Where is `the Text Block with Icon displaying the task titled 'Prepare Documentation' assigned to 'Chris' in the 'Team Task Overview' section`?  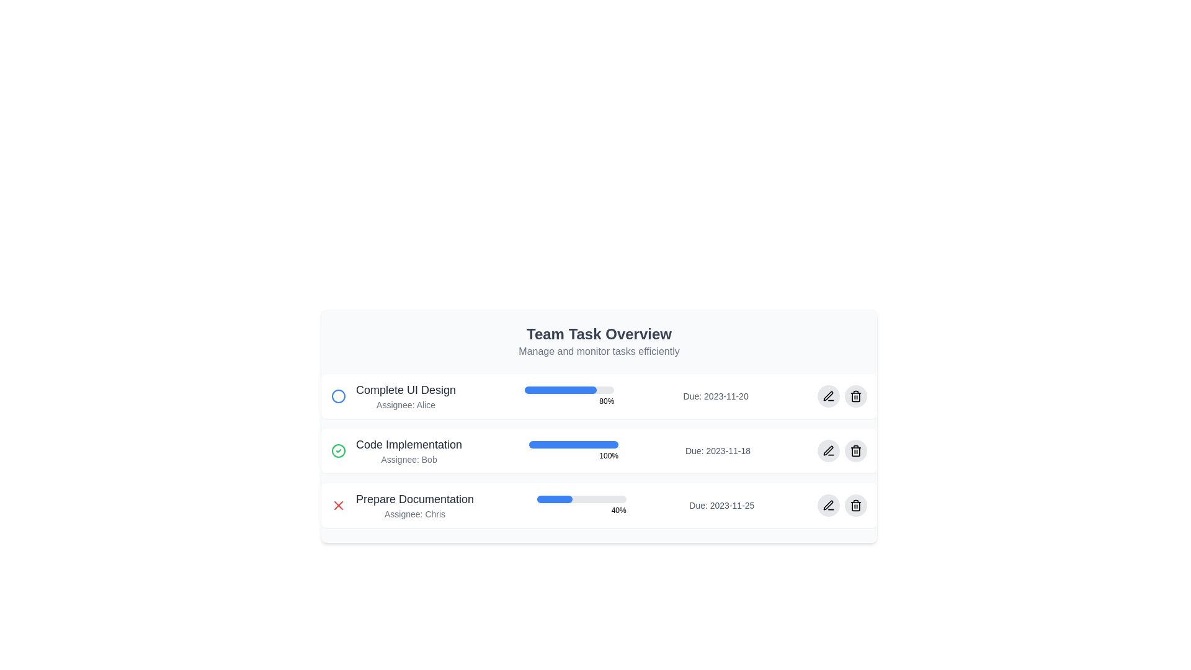 the Text Block with Icon displaying the task titled 'Prepare Documentation' assigned to 'Chris' in the 'Team Task Overview' section is located at coordinates (402, 505).